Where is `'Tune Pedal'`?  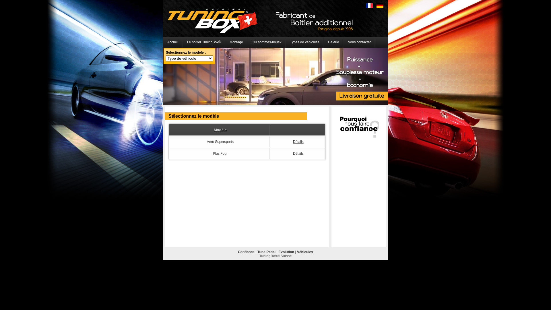
'Tune Pedal' is located at coordinates (266, 252).